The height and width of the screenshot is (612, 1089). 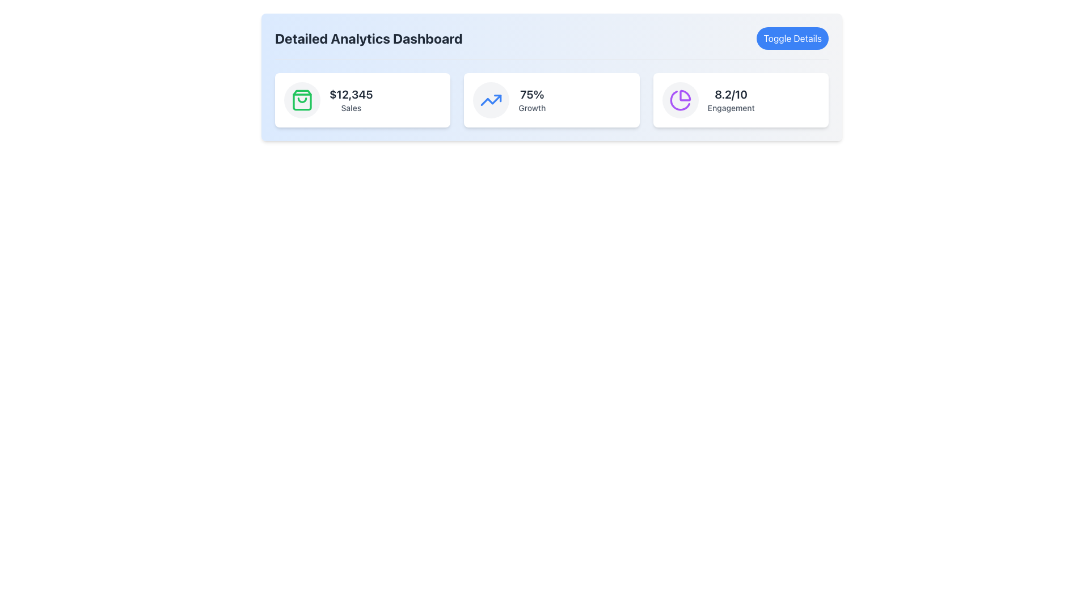 What do you see at coordinates (491, 100) in the screenshot?
I see `the growth icon element located next to the '75% Growth' text in the dashboard, which serves as a visual representation of an increase in a specific metric` at bounding box center [491, 100].